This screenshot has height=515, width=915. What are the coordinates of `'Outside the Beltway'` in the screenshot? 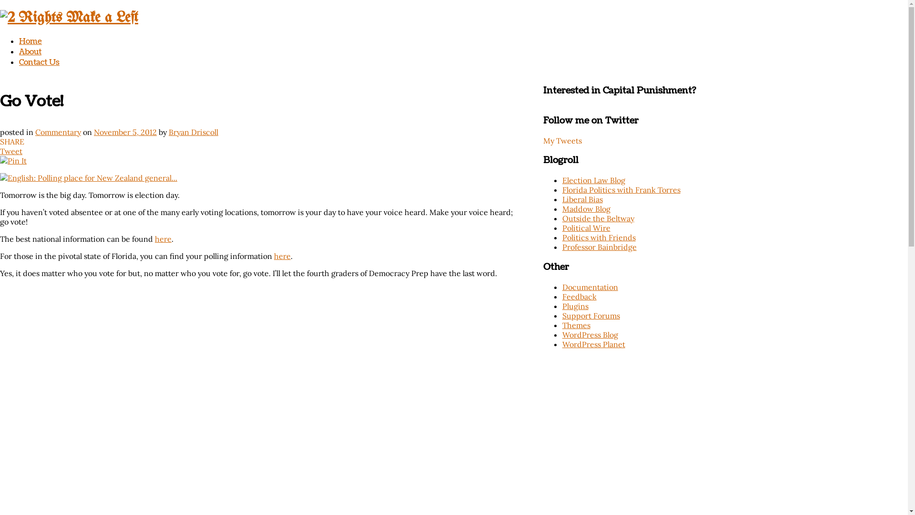 It's located at (598, 218).